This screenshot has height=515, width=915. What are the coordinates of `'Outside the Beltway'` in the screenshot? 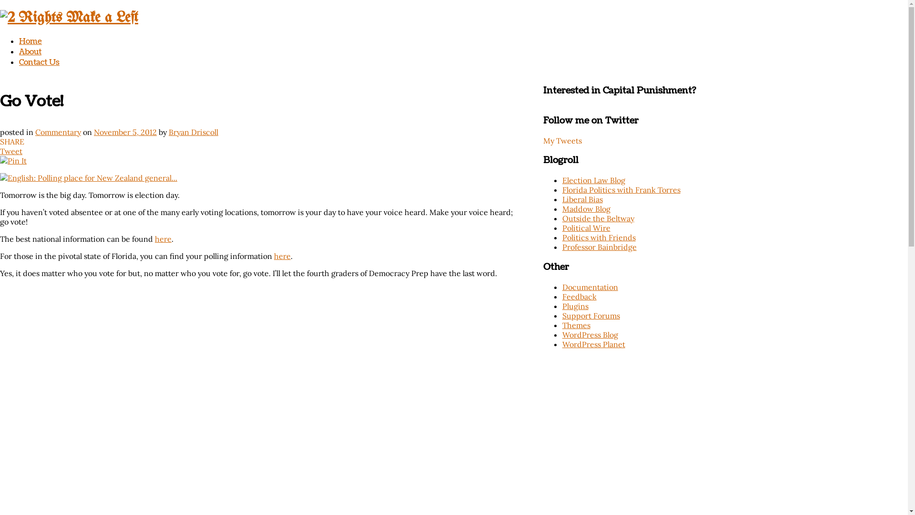 It's located at (598, 218).